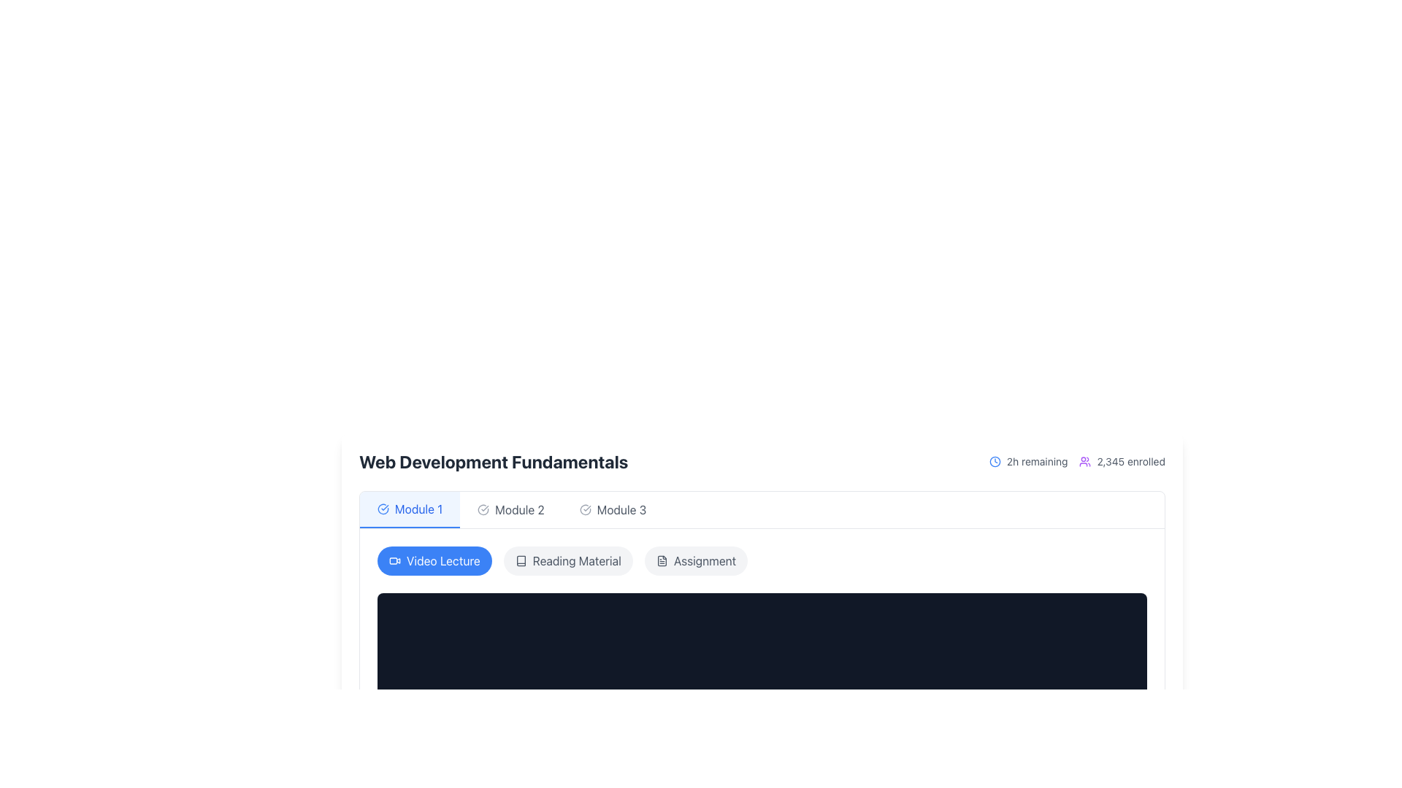 This screenshot has height=788, width=1402. Describe the element at coordinates (511, 509) in the screenshot. I see `the 'Module 2' button, which has a circular checkmark icon and a neutral gray text` at that location.